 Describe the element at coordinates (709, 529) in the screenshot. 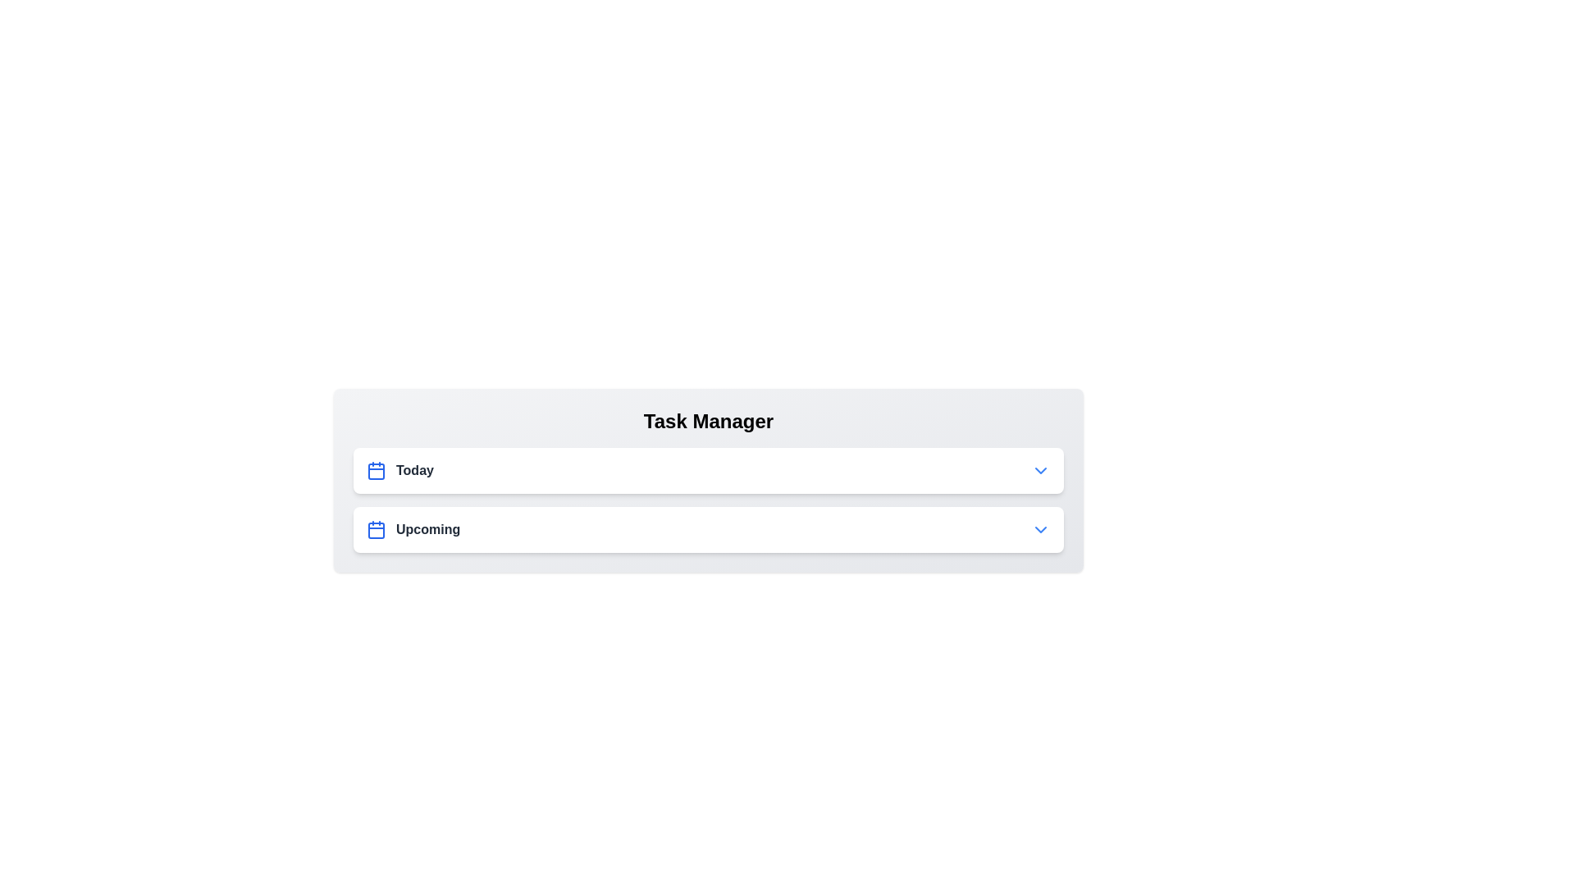

I see `the 'Upcoming' header to toggle its expansion state` at that location.